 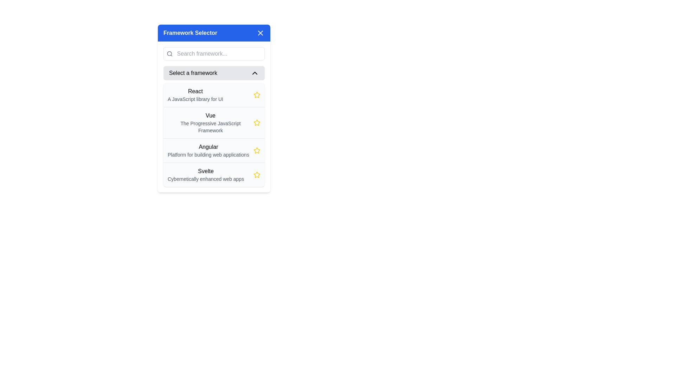 What do you see at coordinates (256, 122) in the screenshot?
I see `the star icon indicating the favorite status for the 'Vue' framework entry, located to the far right of the list entry` at bounding box center [256, 122].